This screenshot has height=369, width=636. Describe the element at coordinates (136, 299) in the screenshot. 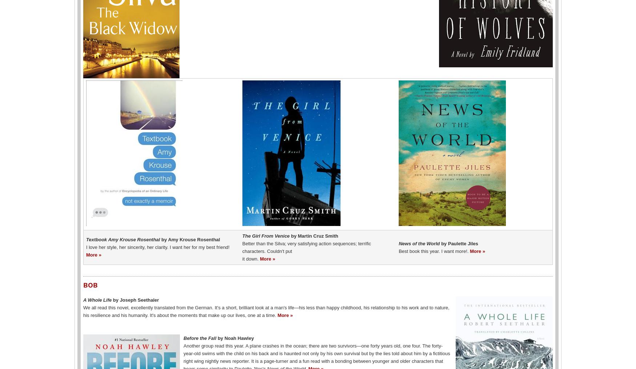

I see `'by Joseph Seethaler'` at that location.